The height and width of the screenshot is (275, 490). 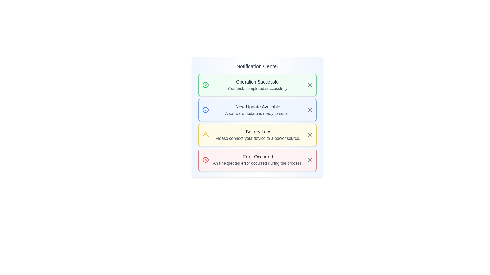 What do you see at coordinates (309, 110) in the screenshot?
I see `the circular vector graphic, which is part of the icon displayed alongside the 'New Update Available' notification, located at the rightmost side of the notification box` at bounding box center [309, 110].